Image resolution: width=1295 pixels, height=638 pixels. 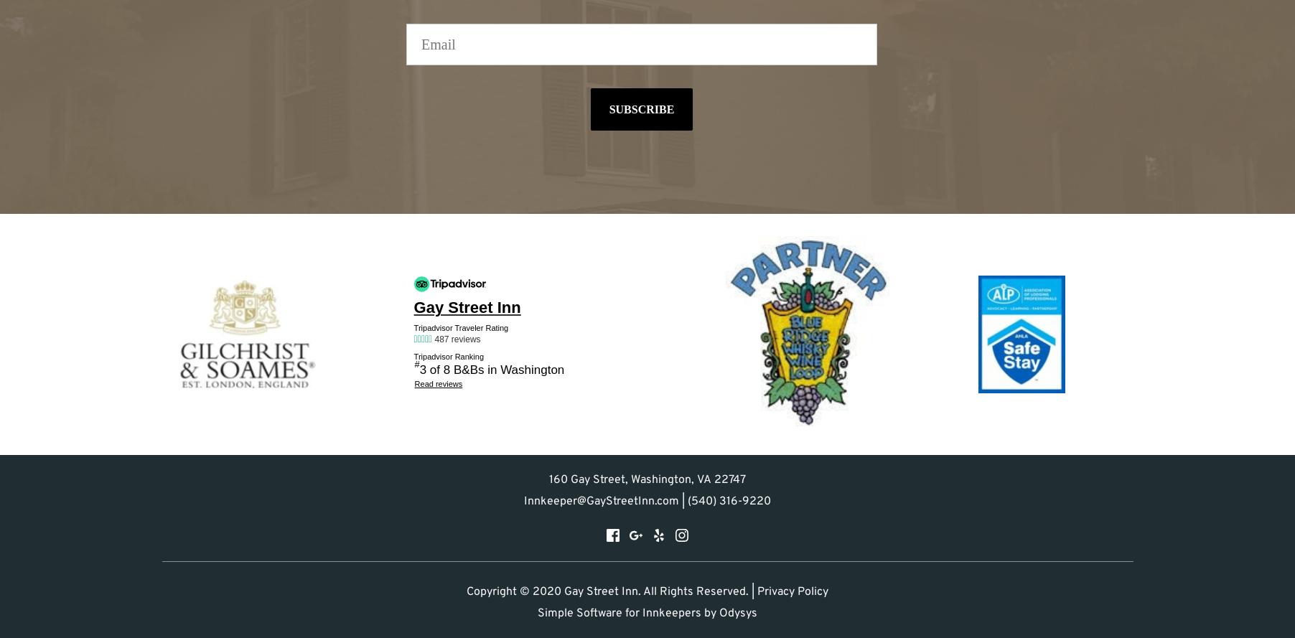 What do you see at coordinates (638, 591) in the screenshot?
I see `'© 2020 Gay Street Inn. All Rights Reserved. |'` at bounding box center [638, 591].